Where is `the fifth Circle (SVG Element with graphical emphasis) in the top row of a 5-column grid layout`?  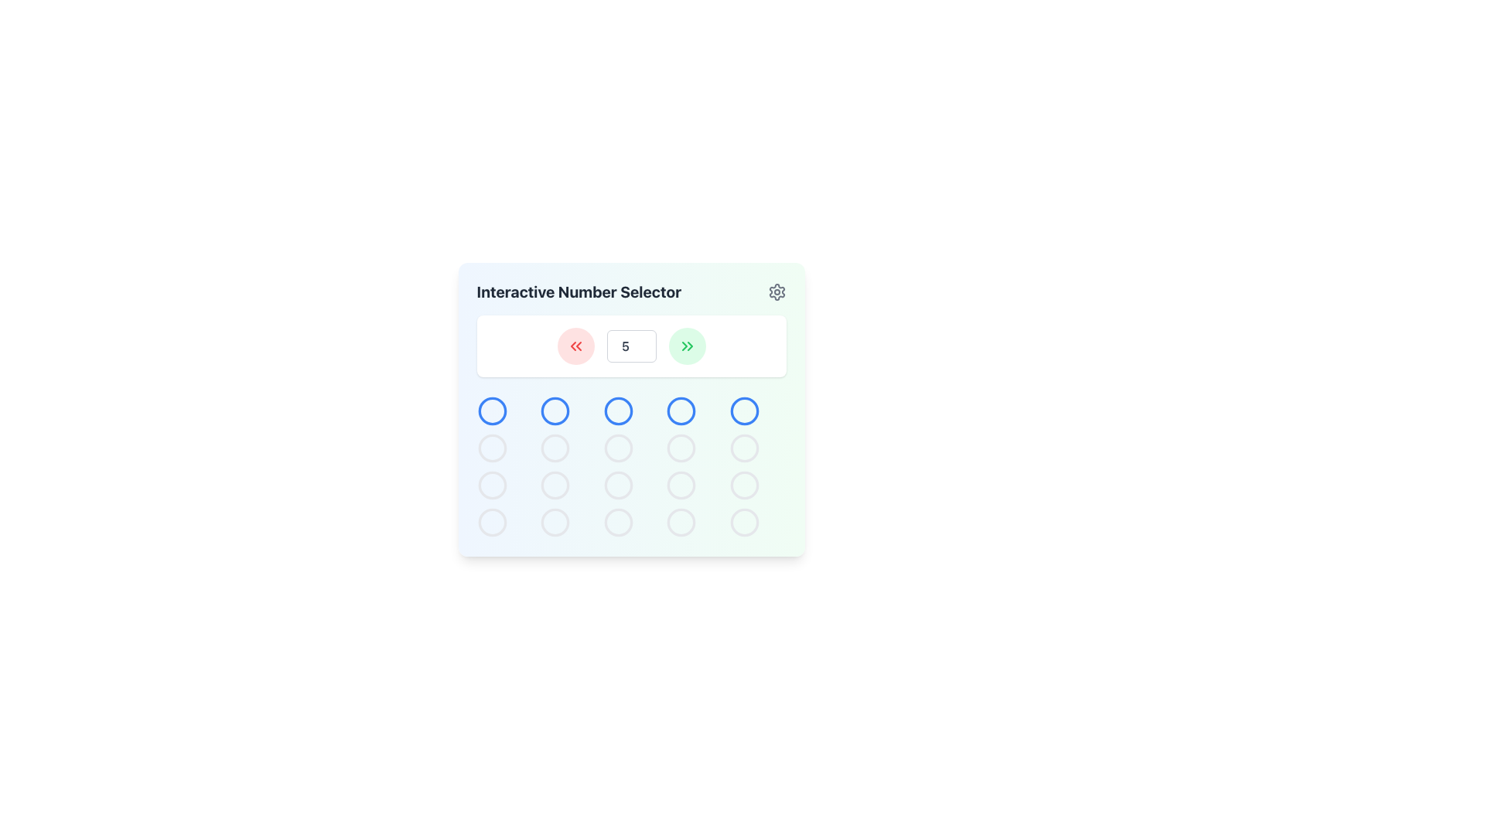 the fifth Circle (SVG Element with graphical emphasis) in the top row of a 5-column grid layout is located at coordinates (744, 411).